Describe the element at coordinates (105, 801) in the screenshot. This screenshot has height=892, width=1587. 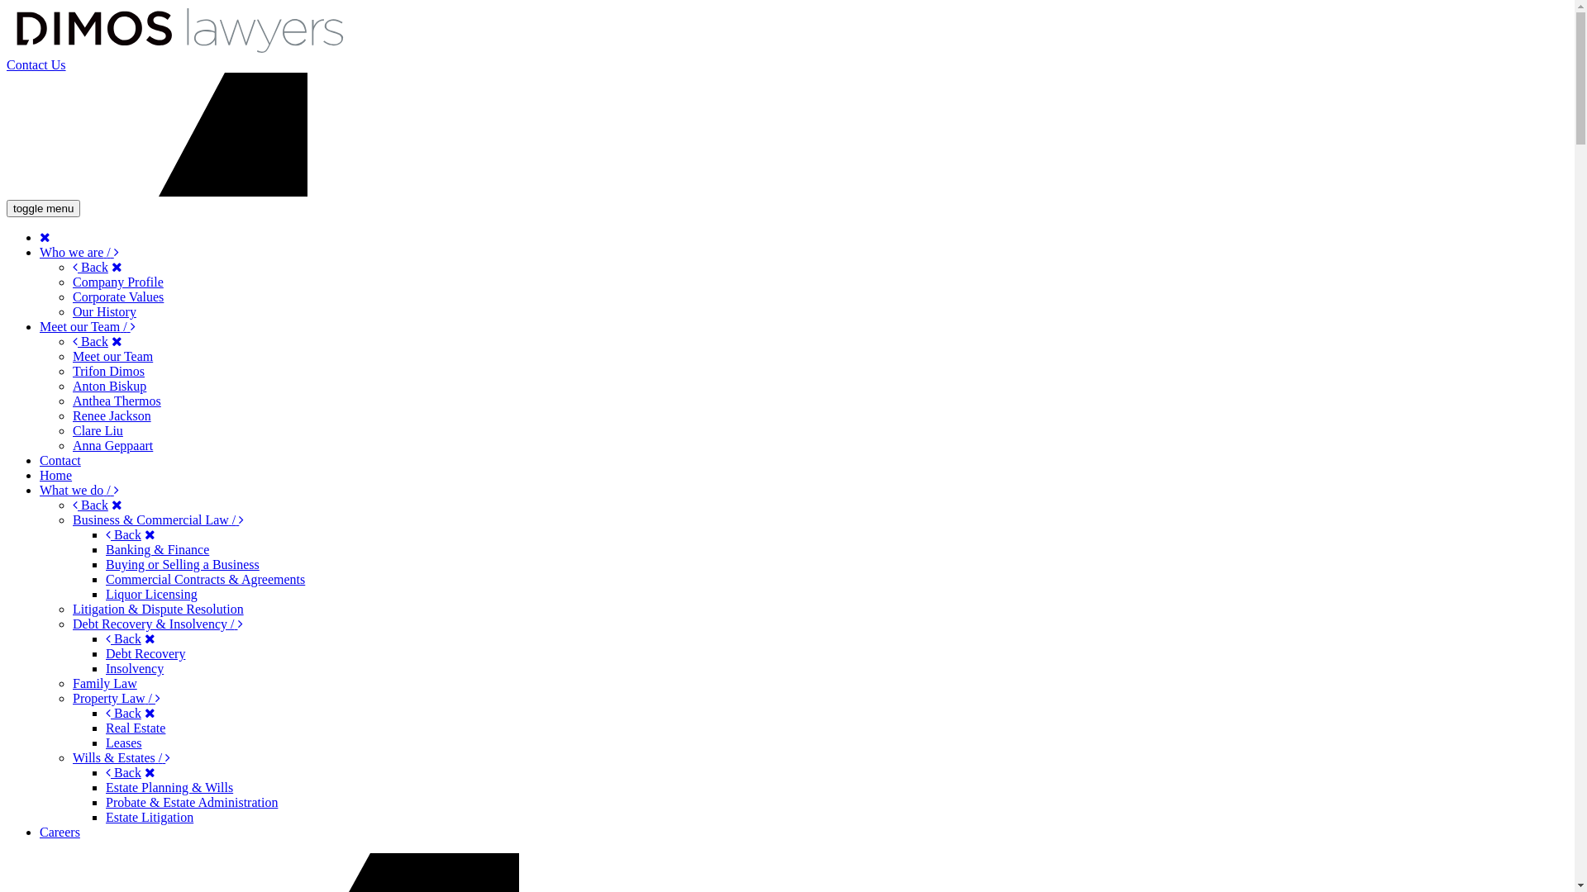
I see `'Probate & Estate Administration'` at that location.